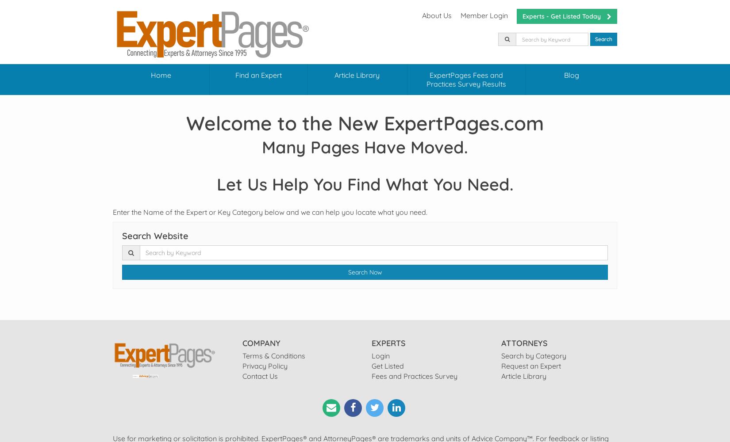 The image size is (730, 442). I want to click on 'Privacy Policy', so click(264, 366).